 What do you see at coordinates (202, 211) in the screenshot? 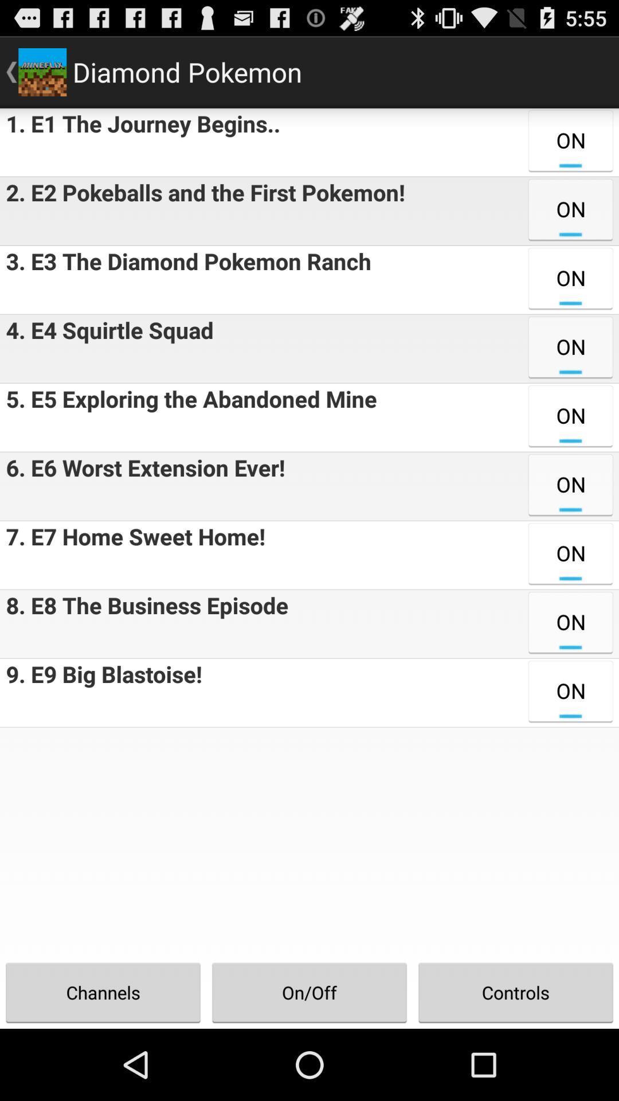
I see `2 e2 pokeballs item` at bounding box center [202, 211].